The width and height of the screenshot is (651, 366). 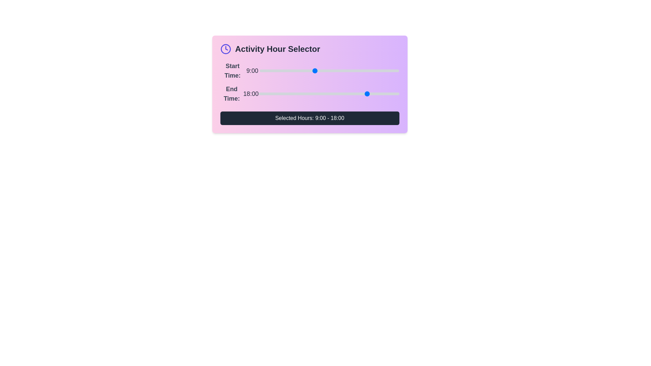 What do you see at coordinates (307, 94) in the screenshot?
I see `the end time slider to set the hour to 8` at bounding box center [307, 94].